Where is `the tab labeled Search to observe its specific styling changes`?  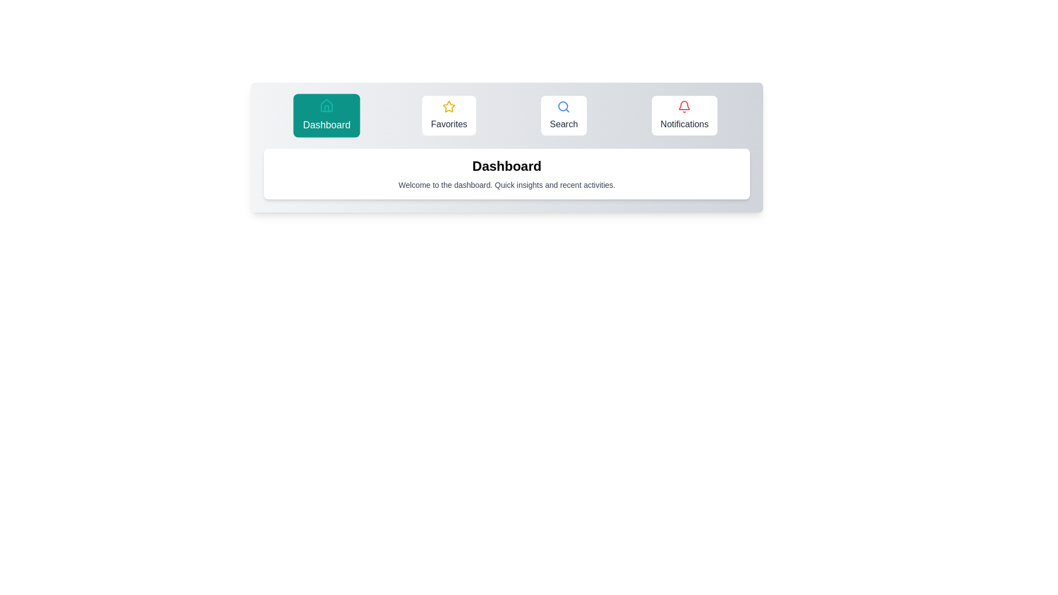 the tab labeled Search to observe its specific styling changes is located at coordinates (564, 115).